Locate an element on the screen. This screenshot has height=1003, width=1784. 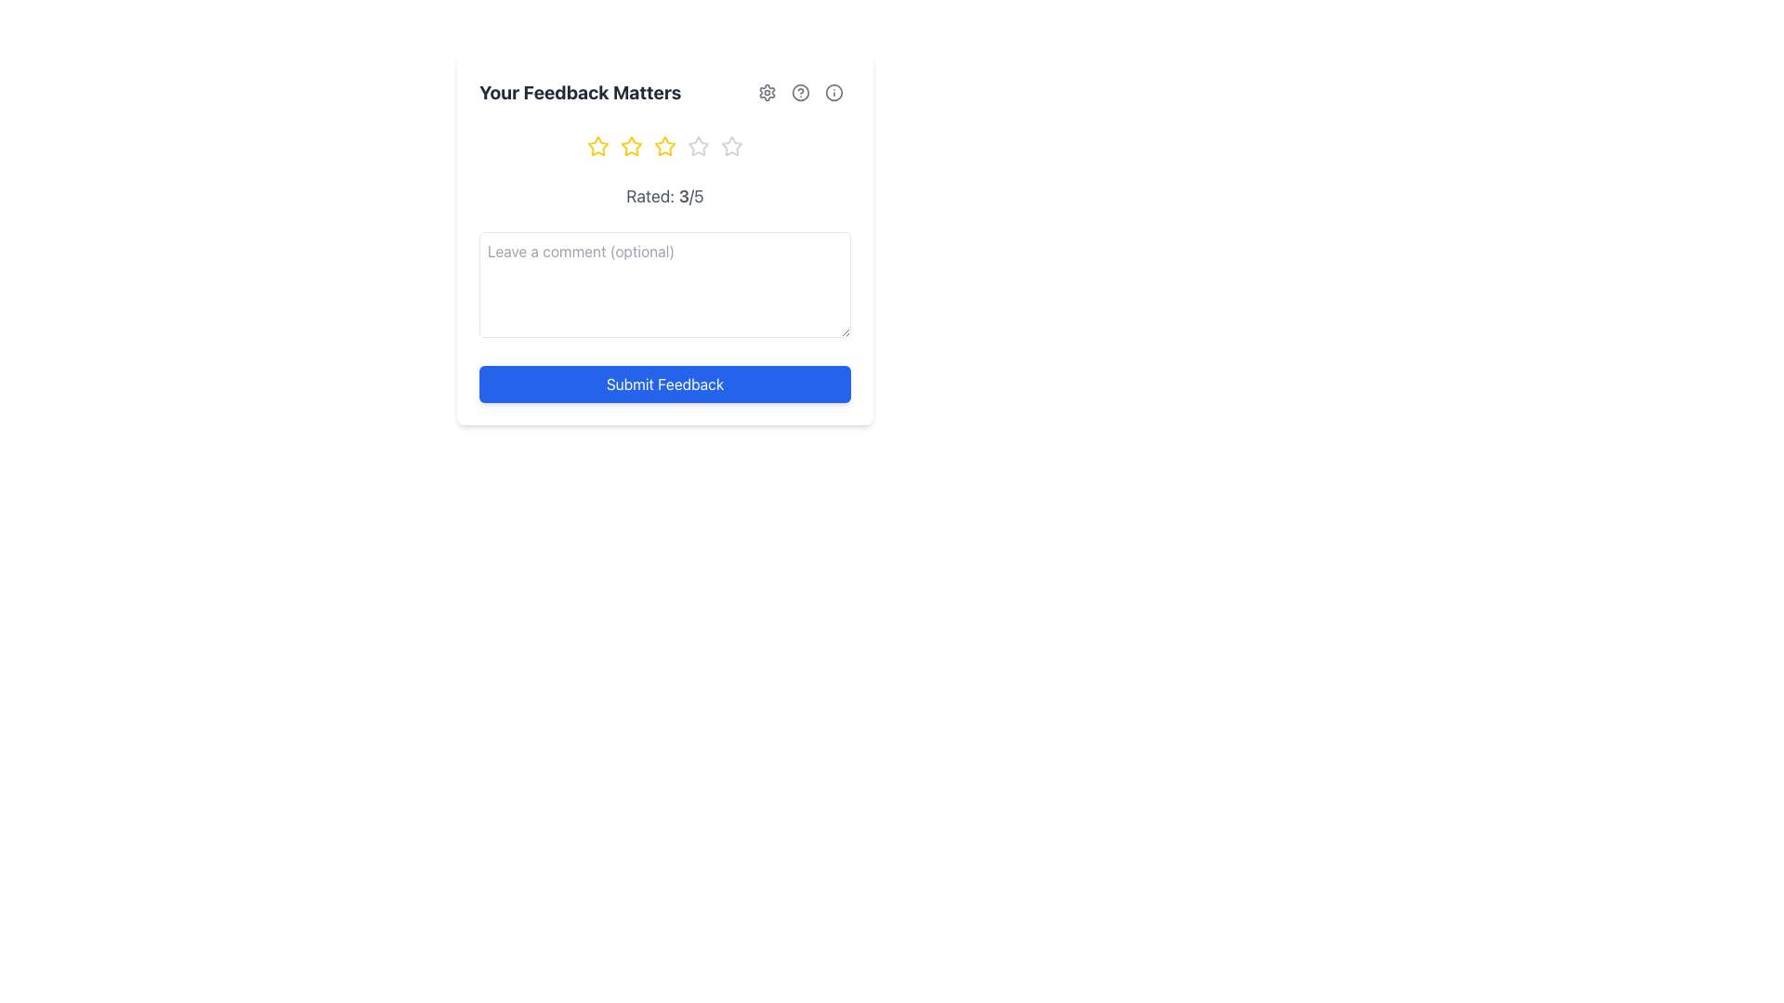
the help button located as the third icon from the right in the top right corner of the feedback card is located at coordinates (833, 93).